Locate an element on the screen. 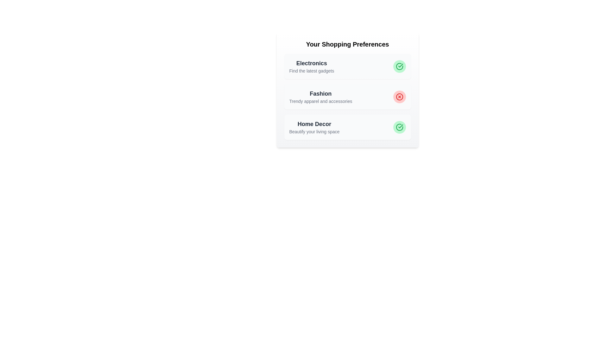  the title and description of the preference item Electronics is located at coordinates (311, 63).